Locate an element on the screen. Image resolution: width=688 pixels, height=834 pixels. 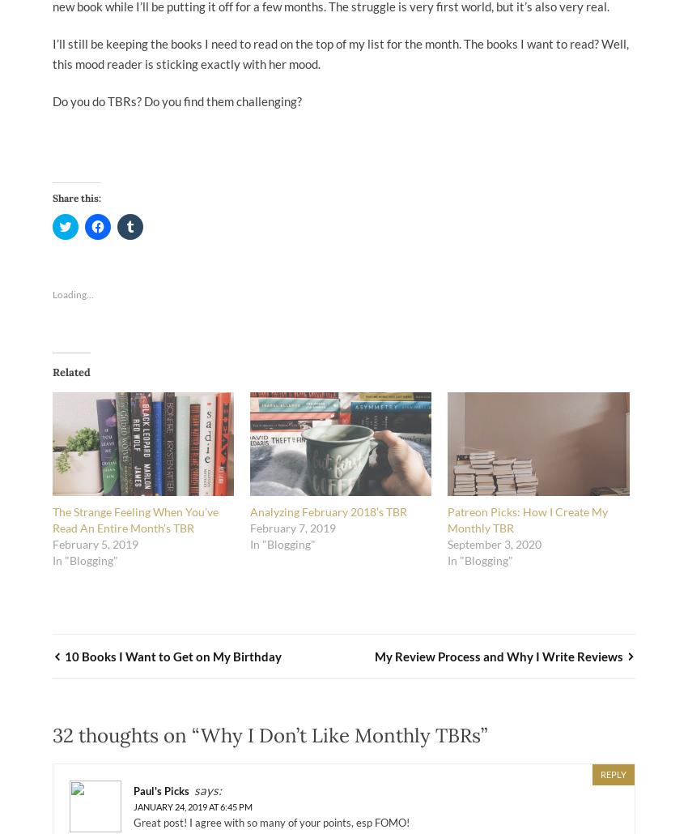
'I’ll still be keeping the books I need to read on the top of my list for the month. The books I want to read? Well, this mood reader is sticking exactly with her mood.' is located at coordinates (341, 53).